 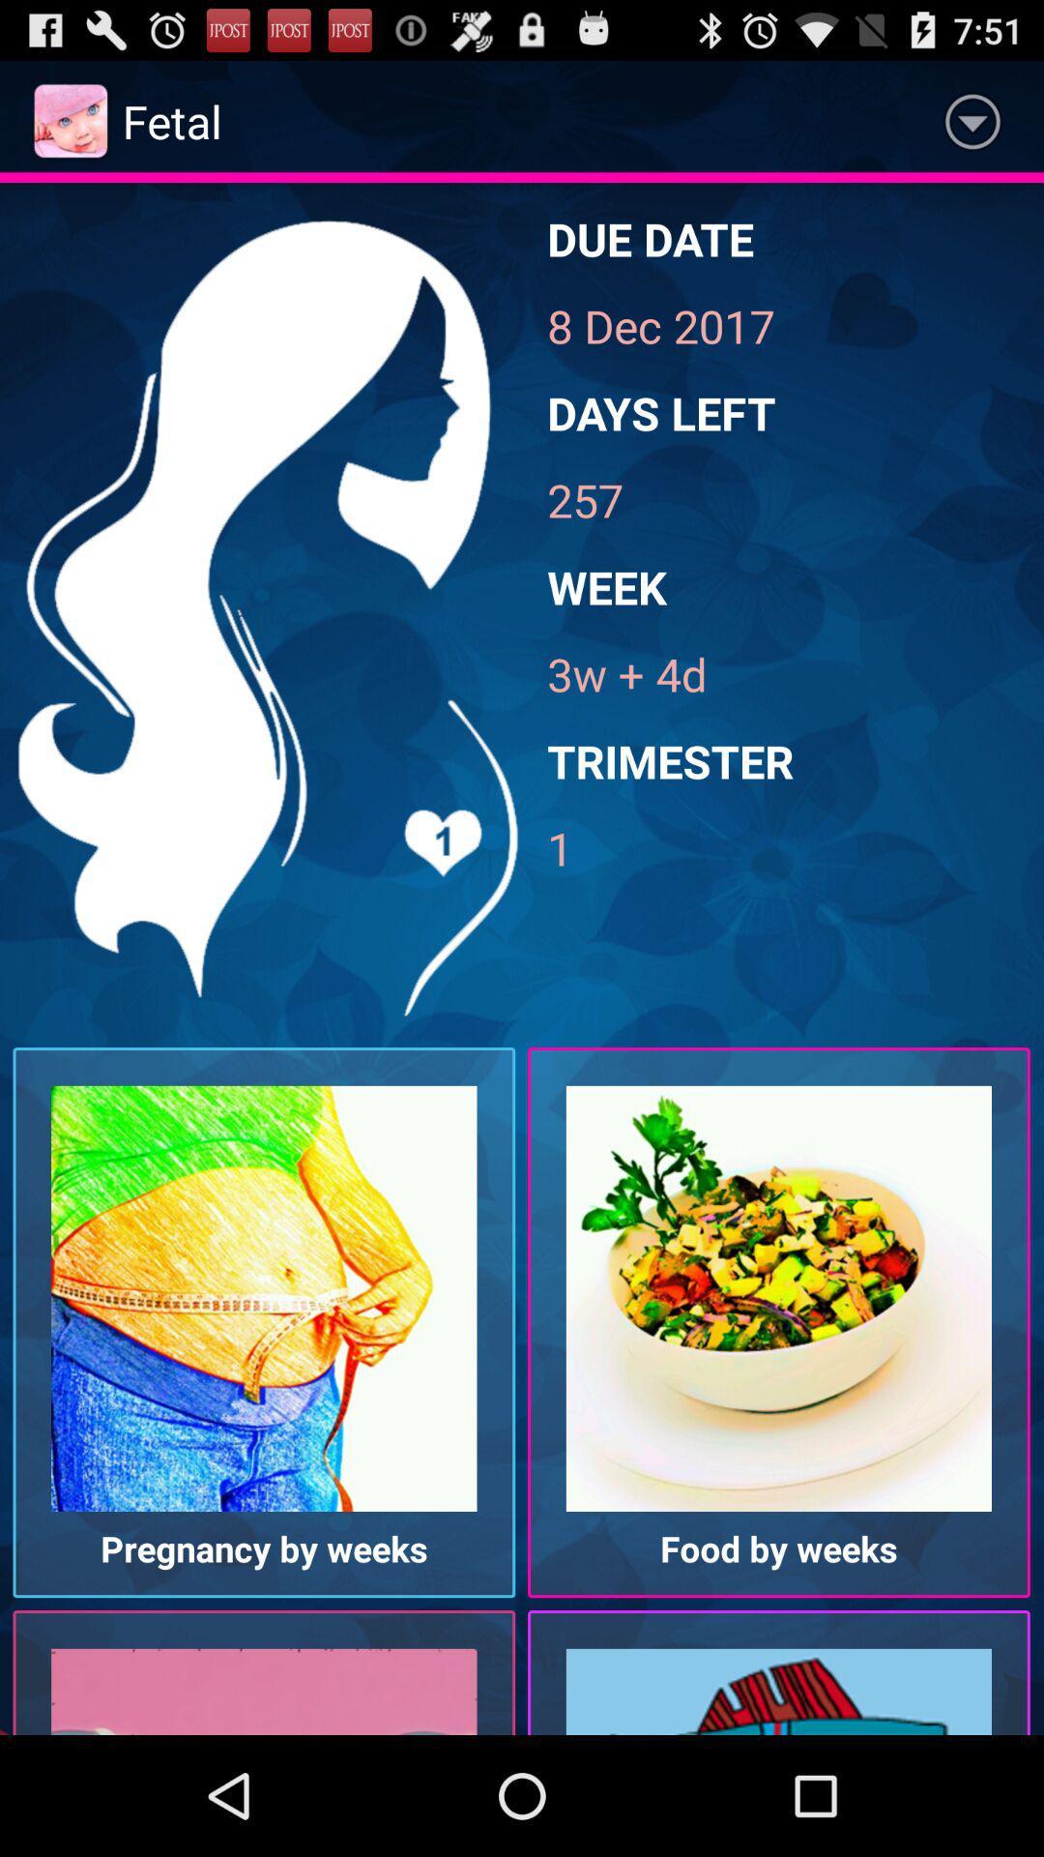 What do you see at coordinates (972, 120) in the screenshot?
I see `the app next to fetal item` at bounding box center [972, 120].